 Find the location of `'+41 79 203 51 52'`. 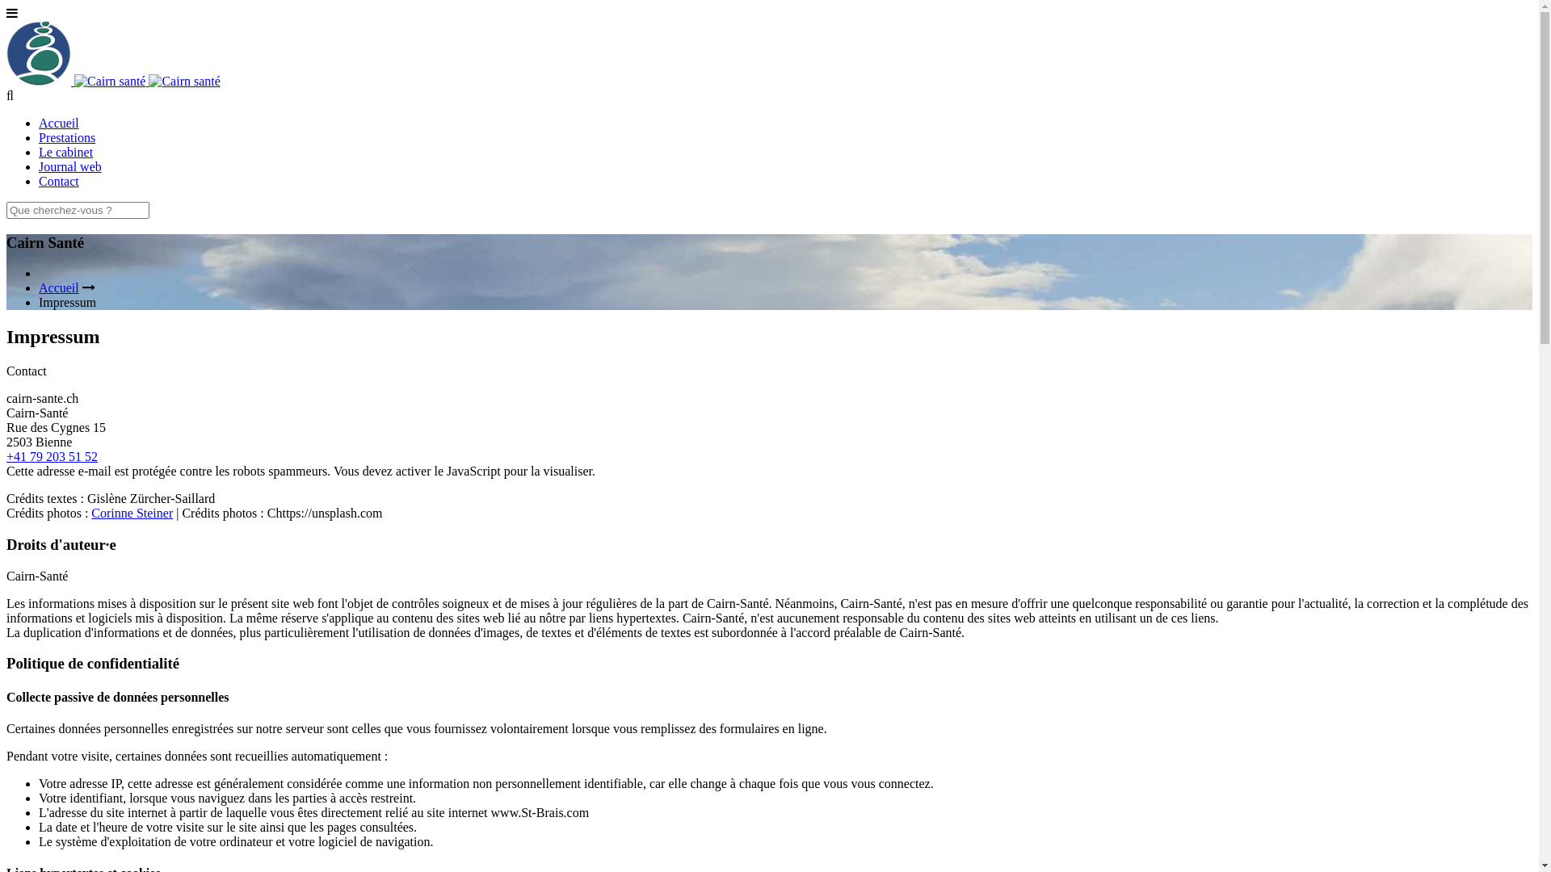

'+41 79 203 51 52' is located at coordinates (52, 456).